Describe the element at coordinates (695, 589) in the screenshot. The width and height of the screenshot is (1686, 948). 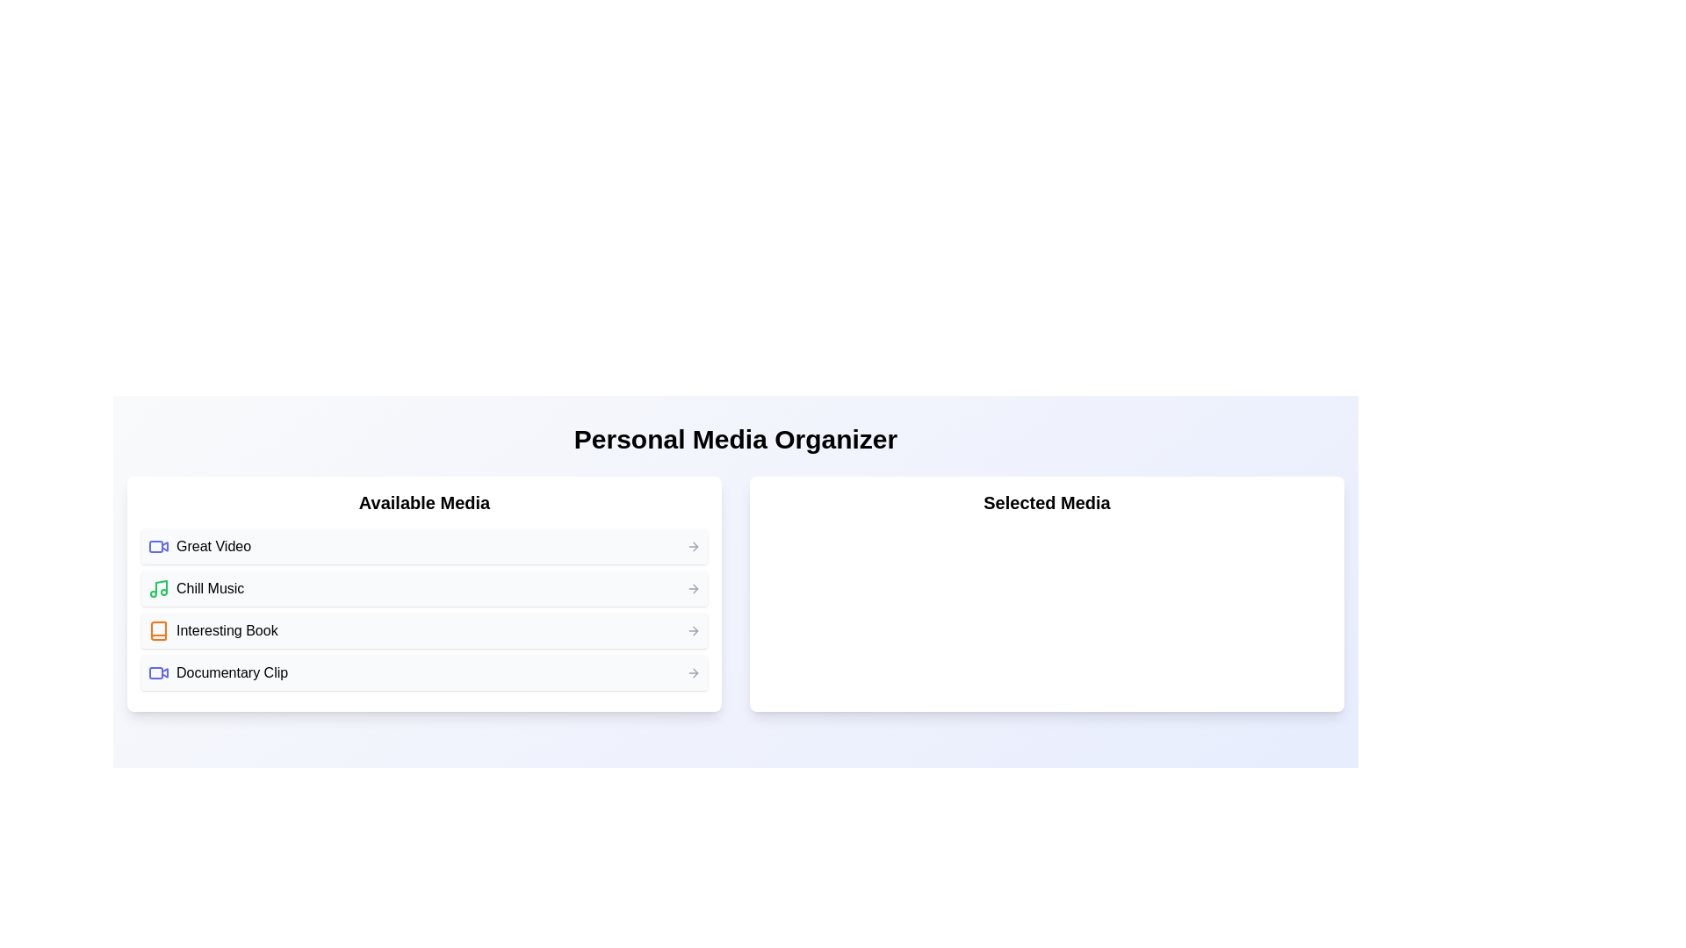
I see `the triangular arrow-shaped icon located to the right of the 'Chill Music' text in the 'Available Media' list` at that location.